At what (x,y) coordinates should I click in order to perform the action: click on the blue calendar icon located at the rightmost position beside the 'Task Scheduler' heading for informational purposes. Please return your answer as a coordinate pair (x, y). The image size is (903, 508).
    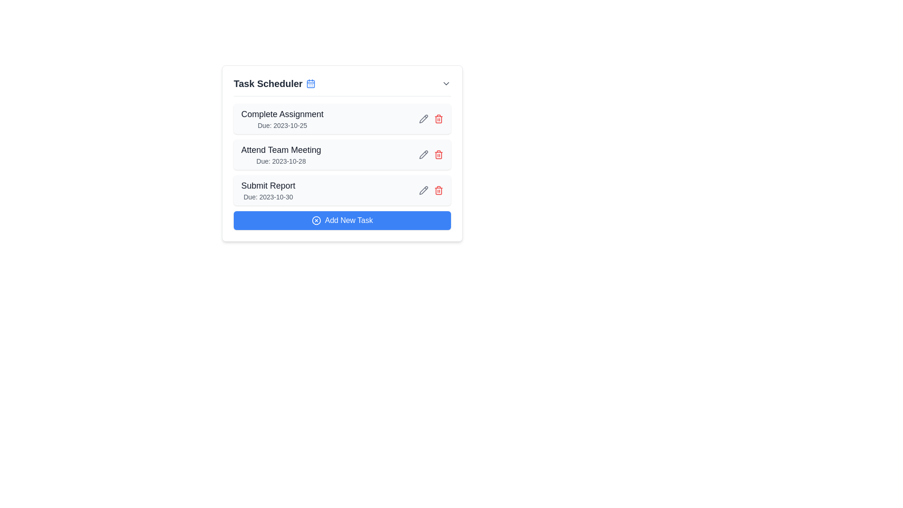
    Looking at the image, I should click on (311, 83).